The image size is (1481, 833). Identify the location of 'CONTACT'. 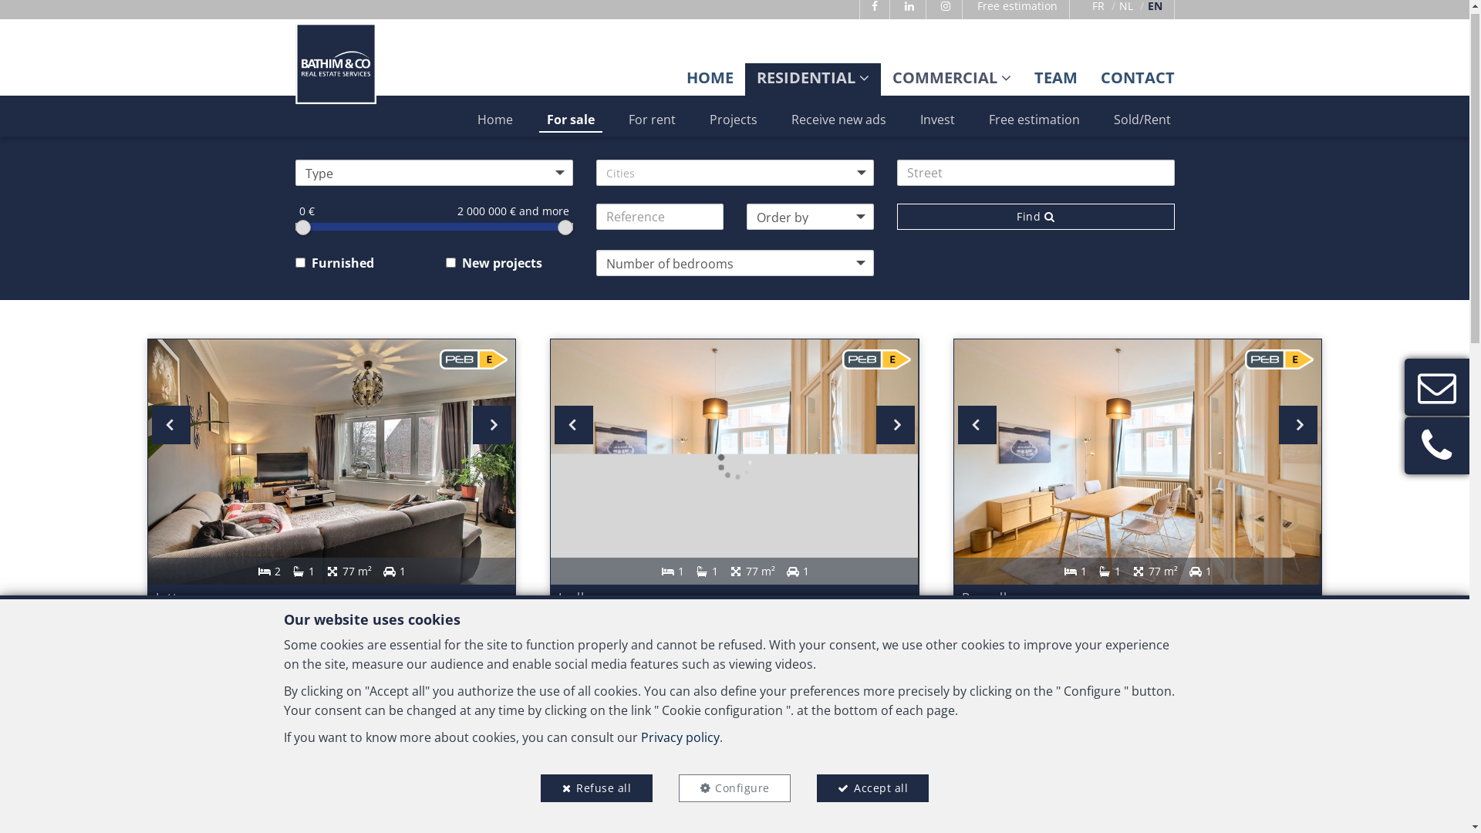
(1136, 85).